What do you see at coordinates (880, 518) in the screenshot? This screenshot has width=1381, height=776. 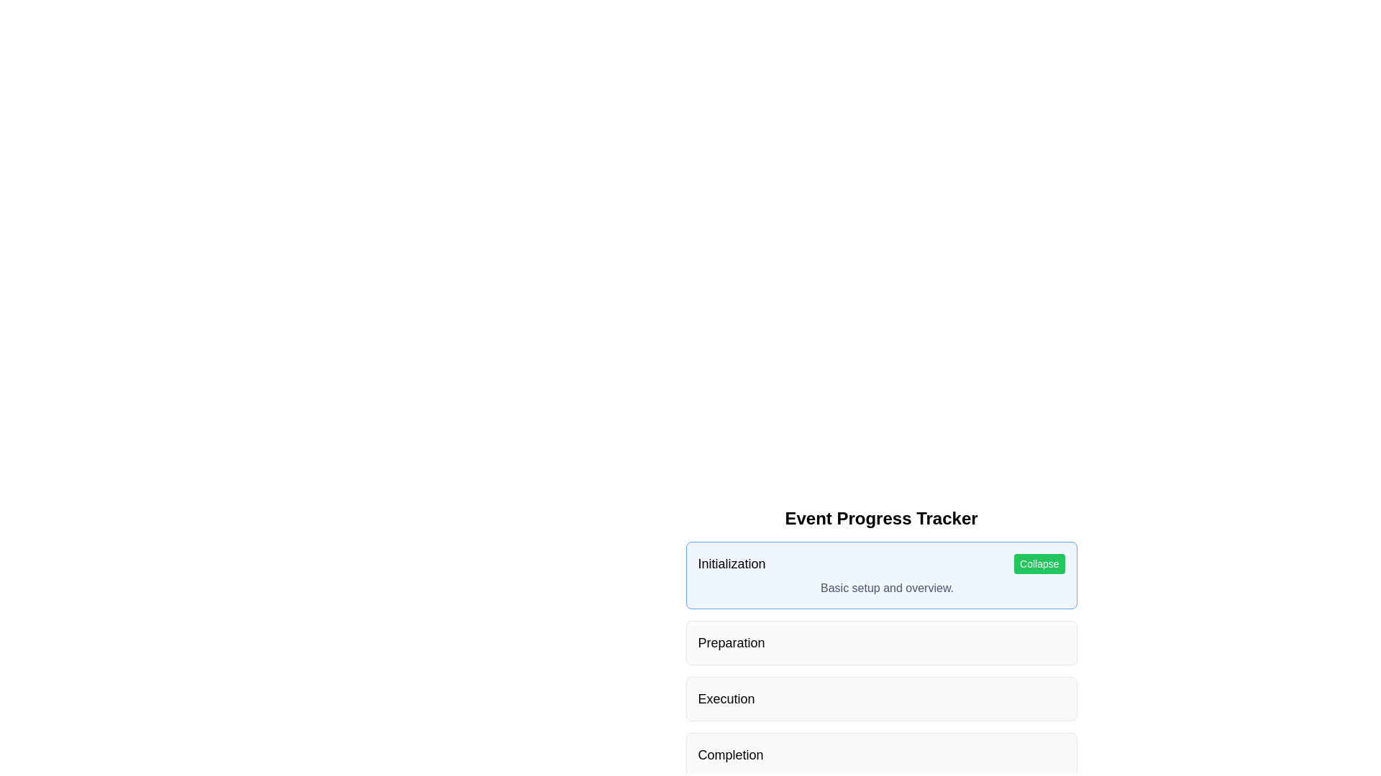 I see `the header text element that serves as a title and is positioned at the top of the layout, above the 'Initialization' section` at bounding box center [880, 518].